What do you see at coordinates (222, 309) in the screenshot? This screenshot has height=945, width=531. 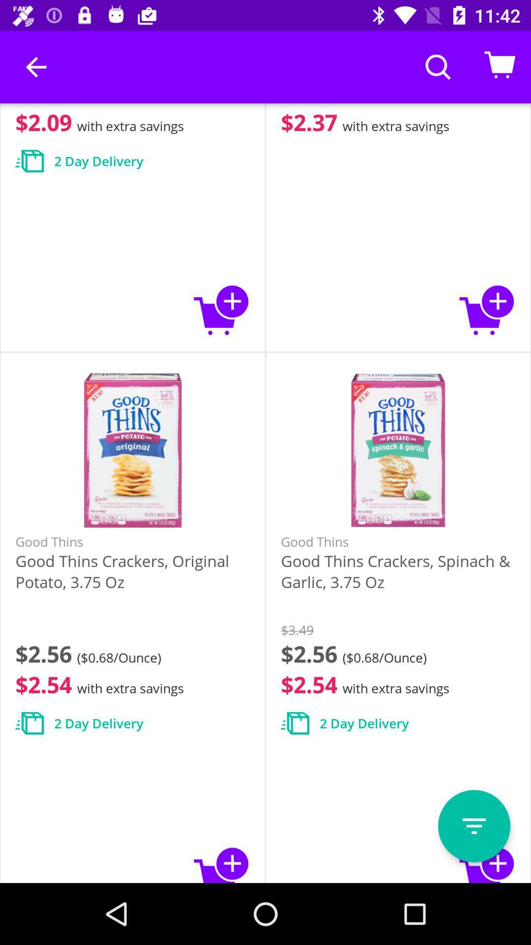 I see `to cart` at bounding box center [222, 309].